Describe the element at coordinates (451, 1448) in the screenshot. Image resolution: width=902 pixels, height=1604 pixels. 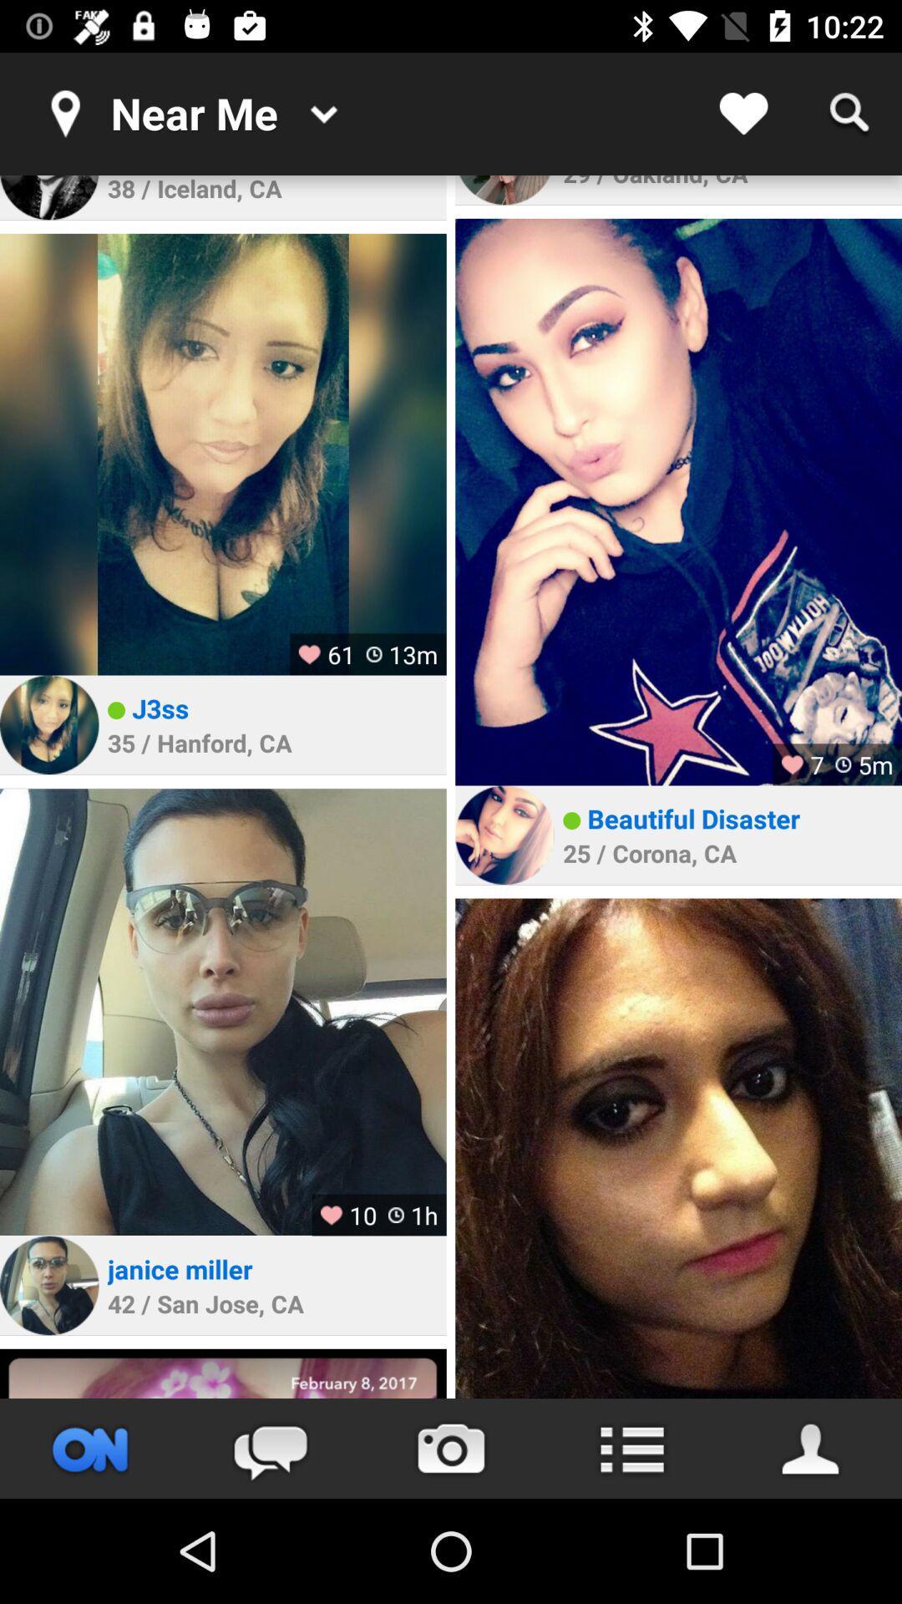
I see `take a picture` at that location.